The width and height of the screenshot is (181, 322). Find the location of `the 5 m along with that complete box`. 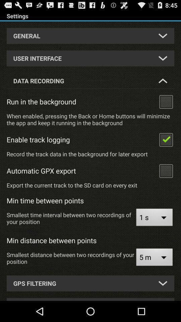

the 5 m along with that complete box is located at coordinates (154, 258).